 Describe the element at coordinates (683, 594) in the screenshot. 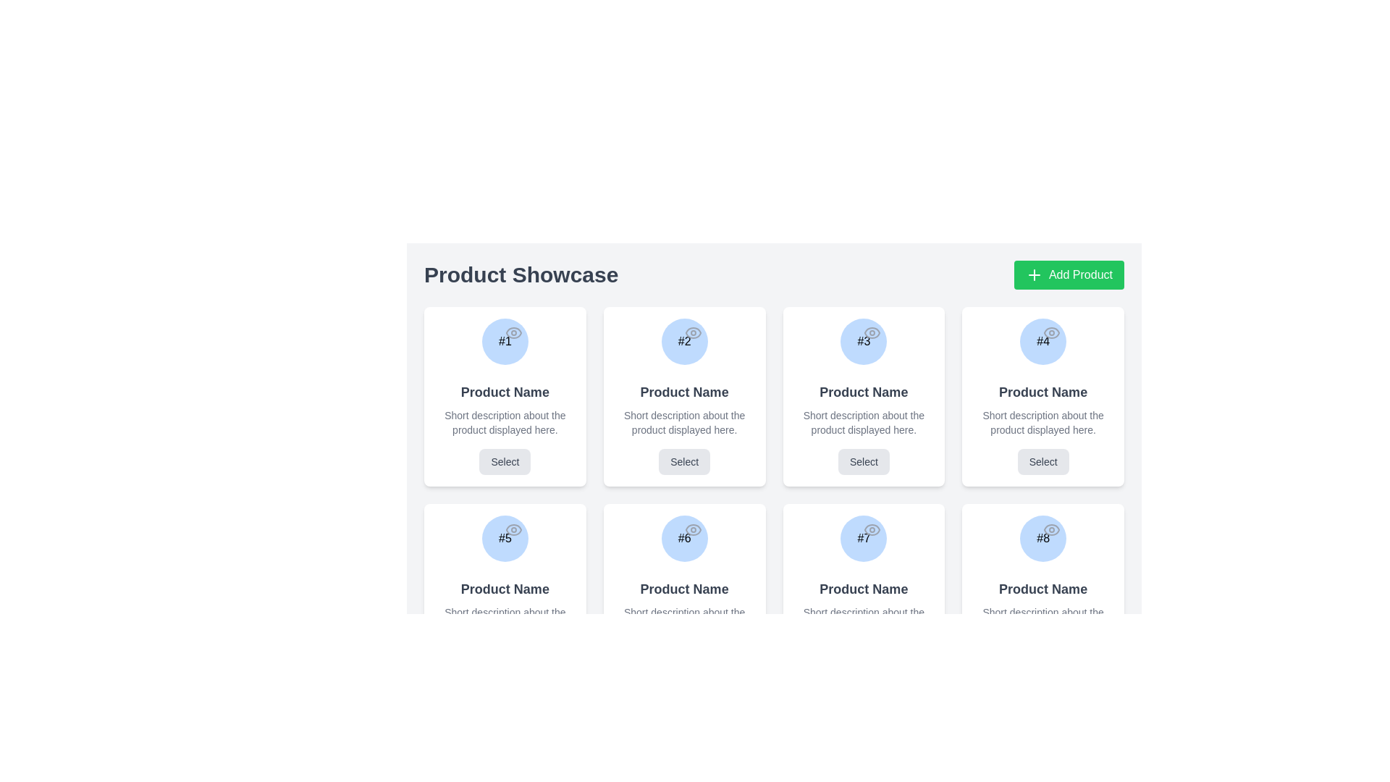

I see `the sixth product entry card in the product showcase grid` at that location.